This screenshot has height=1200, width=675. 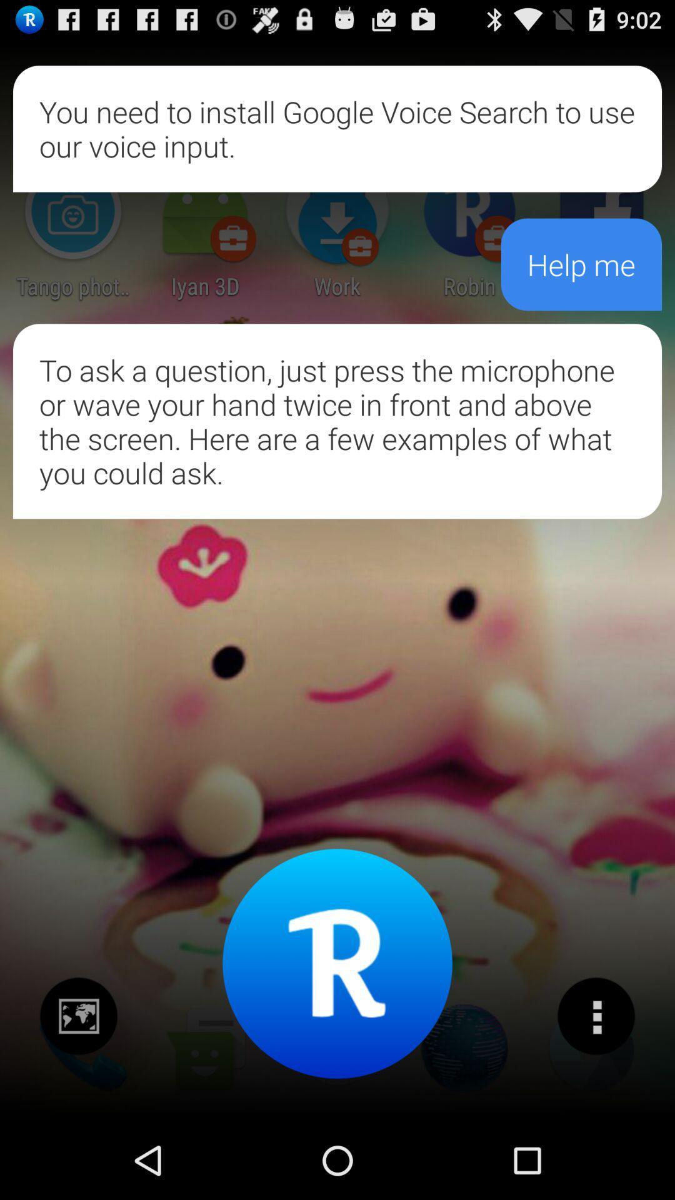 I want to click on more information, so click(x=595, y=1016).